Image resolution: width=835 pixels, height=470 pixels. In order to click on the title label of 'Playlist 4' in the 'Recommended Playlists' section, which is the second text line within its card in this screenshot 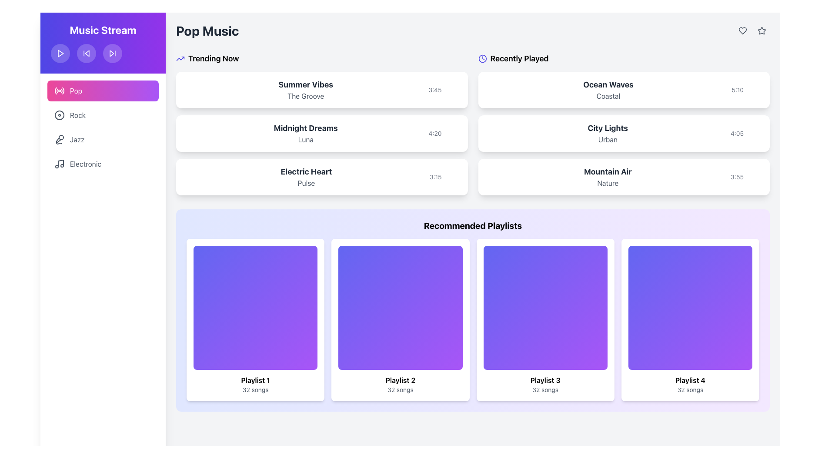, I will do `click(690, 380)`.